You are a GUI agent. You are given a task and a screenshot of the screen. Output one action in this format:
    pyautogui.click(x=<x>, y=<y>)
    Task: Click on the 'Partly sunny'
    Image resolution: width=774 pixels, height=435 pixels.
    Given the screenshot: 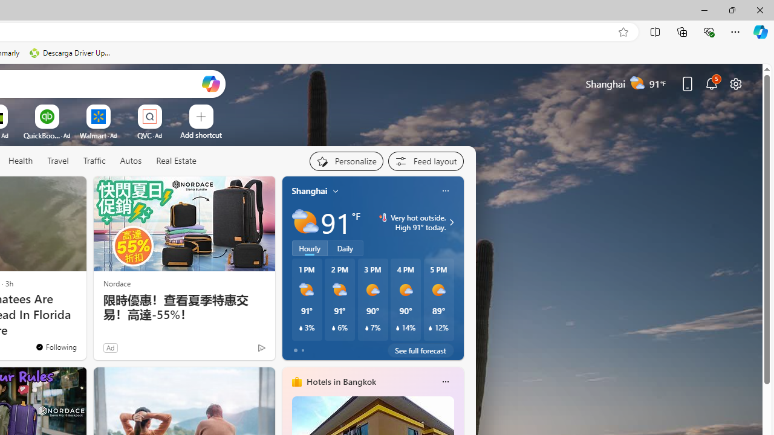 What is the action you would take?
    pyautogui.click(x=305, y=222)
    